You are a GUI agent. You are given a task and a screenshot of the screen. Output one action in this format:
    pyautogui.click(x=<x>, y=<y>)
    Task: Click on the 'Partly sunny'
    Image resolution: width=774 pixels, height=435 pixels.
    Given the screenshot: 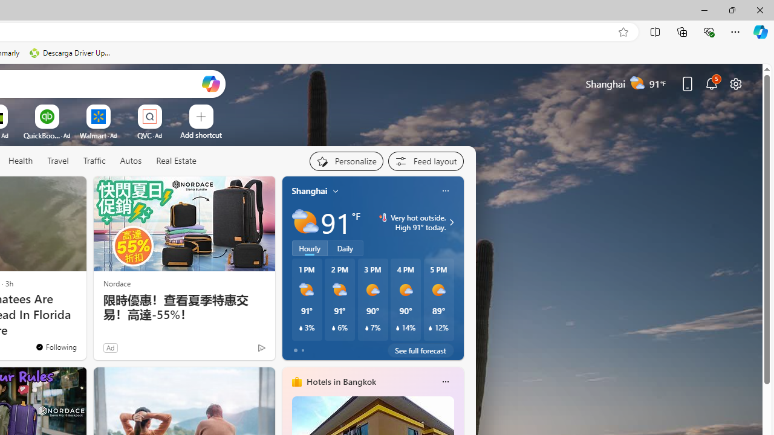 What is the action you would take?
    pyautogui.click(x=305, y=222)
    